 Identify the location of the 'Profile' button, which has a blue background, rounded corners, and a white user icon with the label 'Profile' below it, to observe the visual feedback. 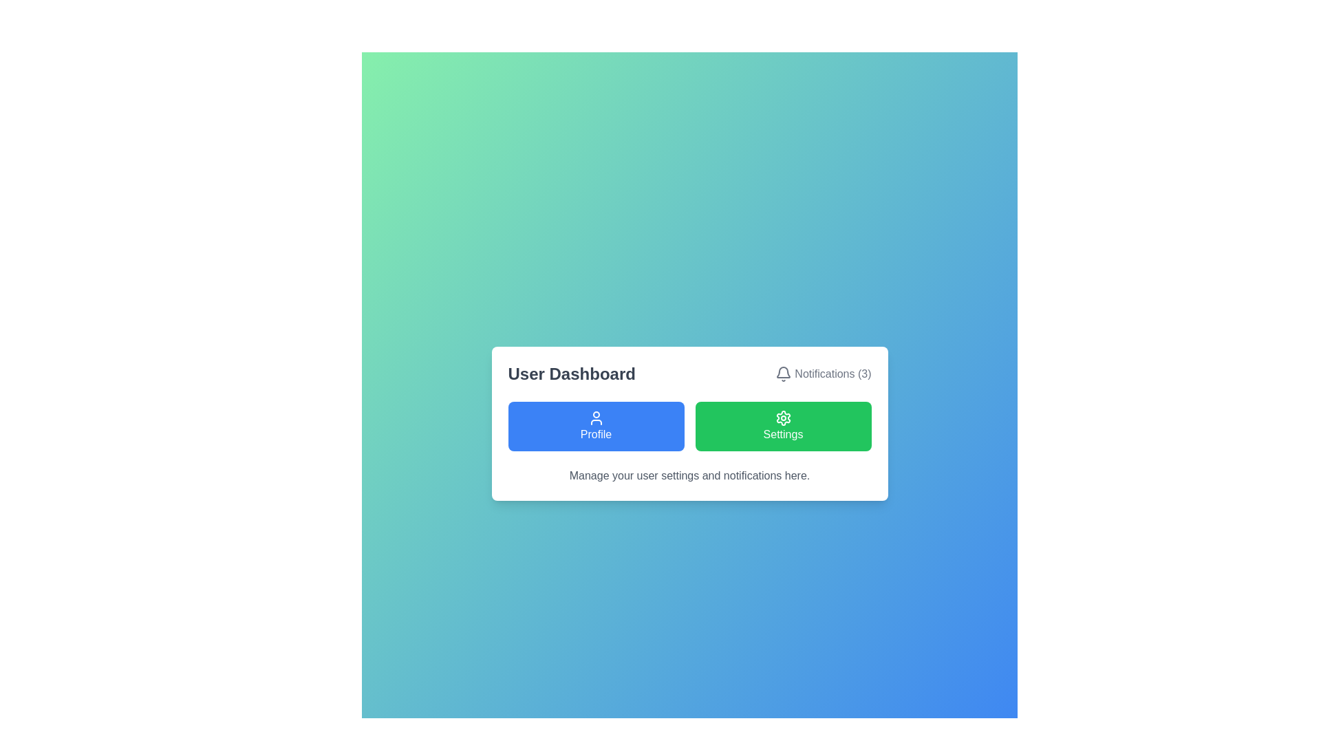
(596, 426).